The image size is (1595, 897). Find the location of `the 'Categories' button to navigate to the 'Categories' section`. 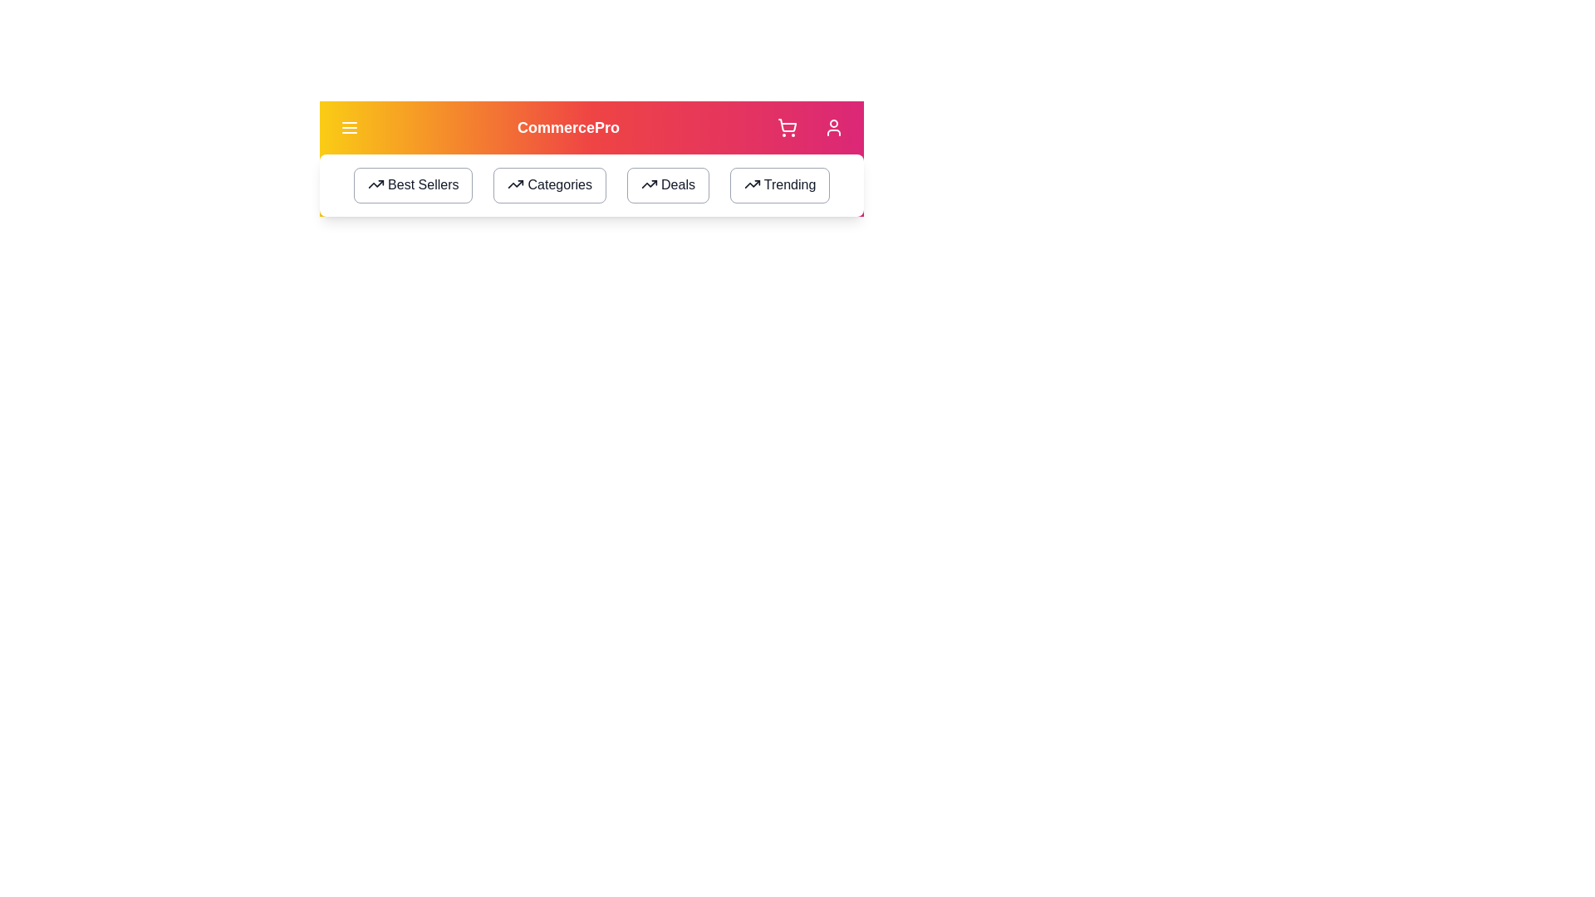

the 'Categories' button to navigate to the 'Categories' section is located at coordinates (550, 185).